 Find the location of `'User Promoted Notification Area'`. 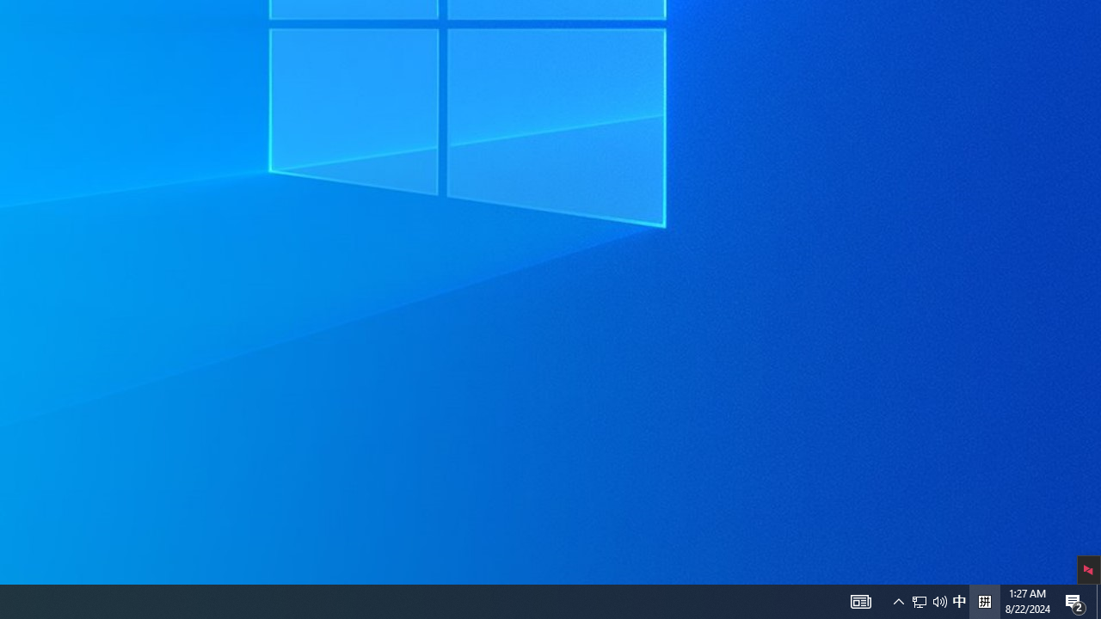

'User Promoted Notification Area' is located at coordinates (928, 600).